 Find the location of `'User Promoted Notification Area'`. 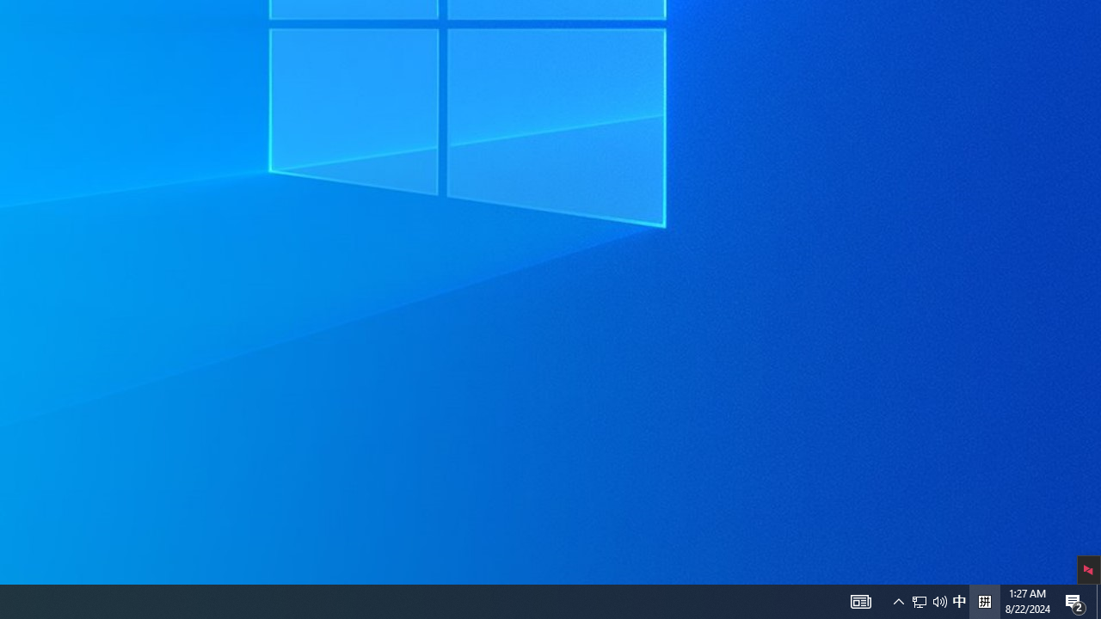

'User Promoted Notification Area' is located at coordinates (928, 600).